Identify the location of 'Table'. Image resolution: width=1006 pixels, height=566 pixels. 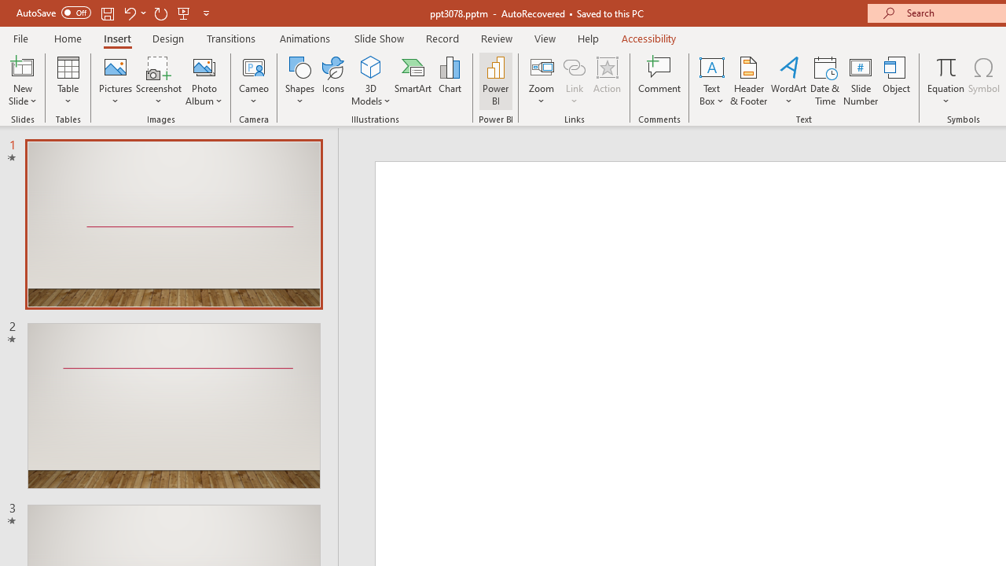
(68, 81).